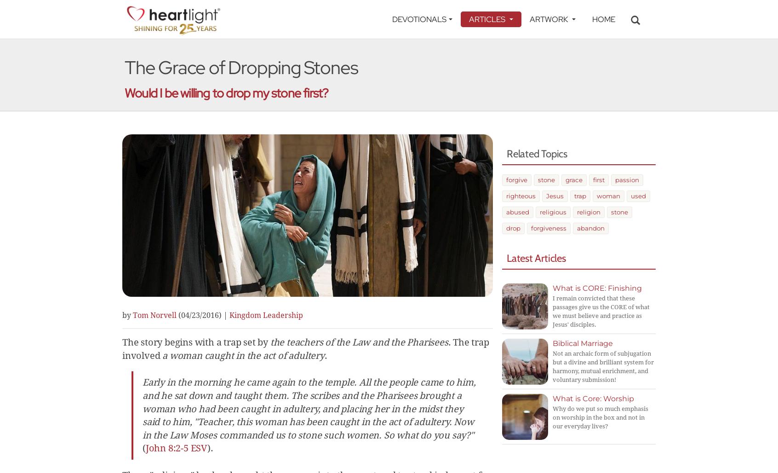 The image size is (778, 473). I want to click on 'passion', so click(627, 179).